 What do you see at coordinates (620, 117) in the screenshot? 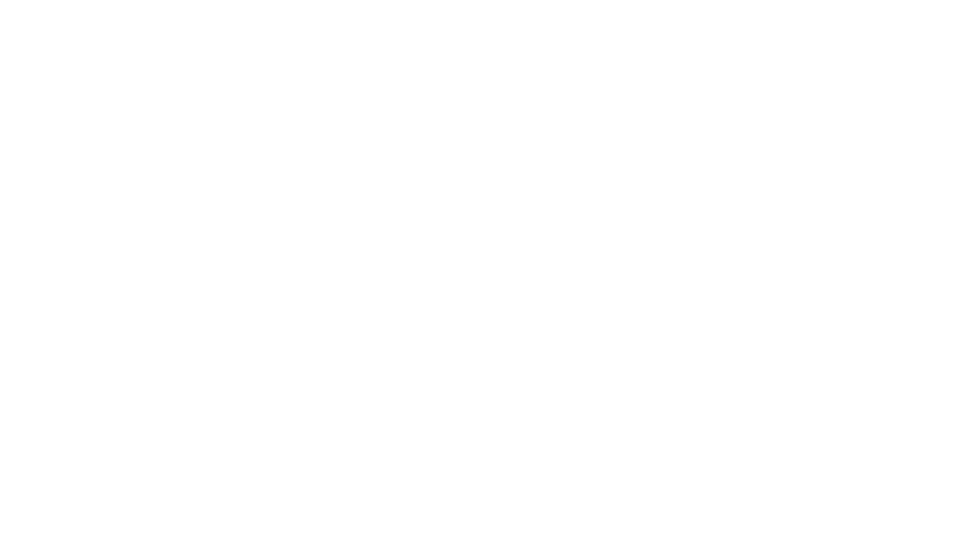
I see `'ITF Briefings'` at bounding box center [620, 117].